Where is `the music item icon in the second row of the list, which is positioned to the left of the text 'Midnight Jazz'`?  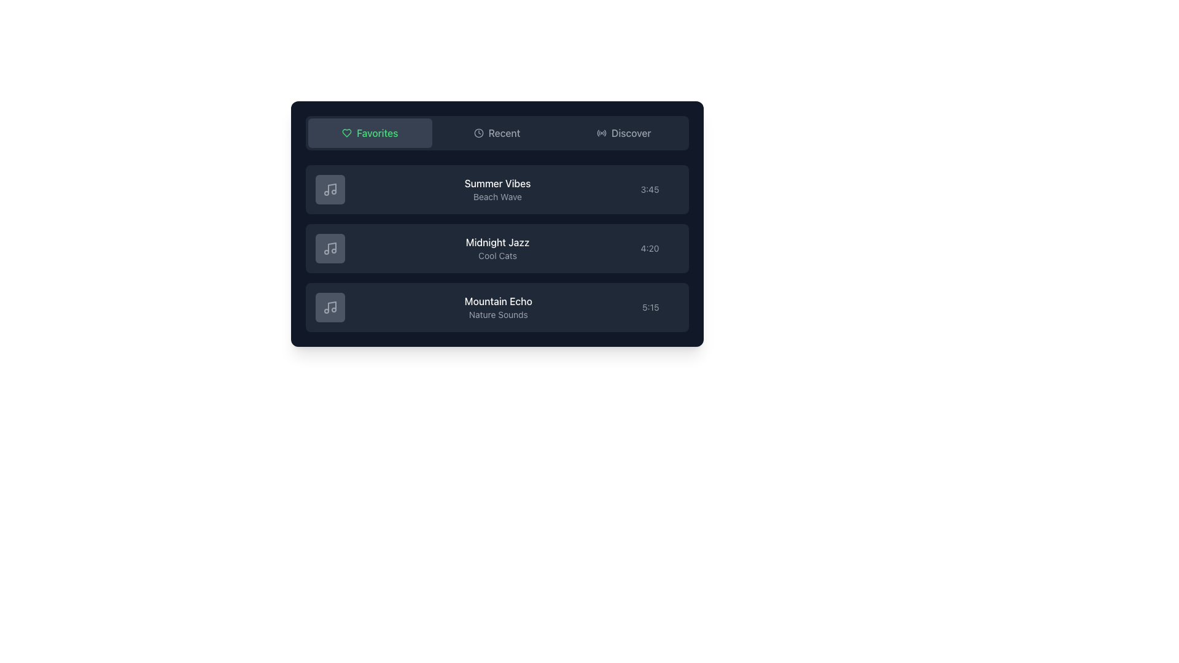 the music item icon in the second row of the list, which is positioned to the left of the text 'Midnight Jazz' is located at coordinates (330, 249).